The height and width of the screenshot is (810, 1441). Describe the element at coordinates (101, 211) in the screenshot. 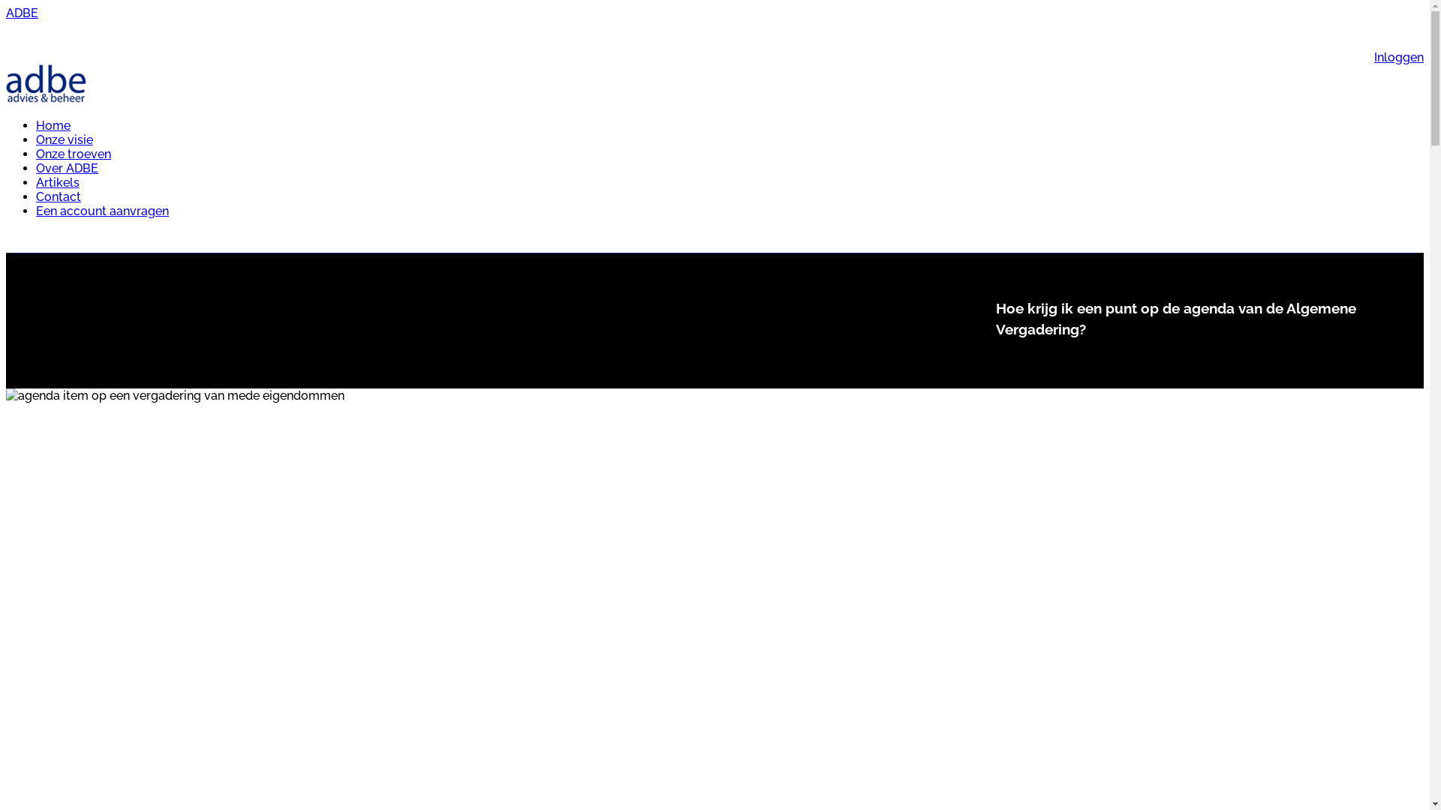

I see `'Een account aanvragen'` at that location.